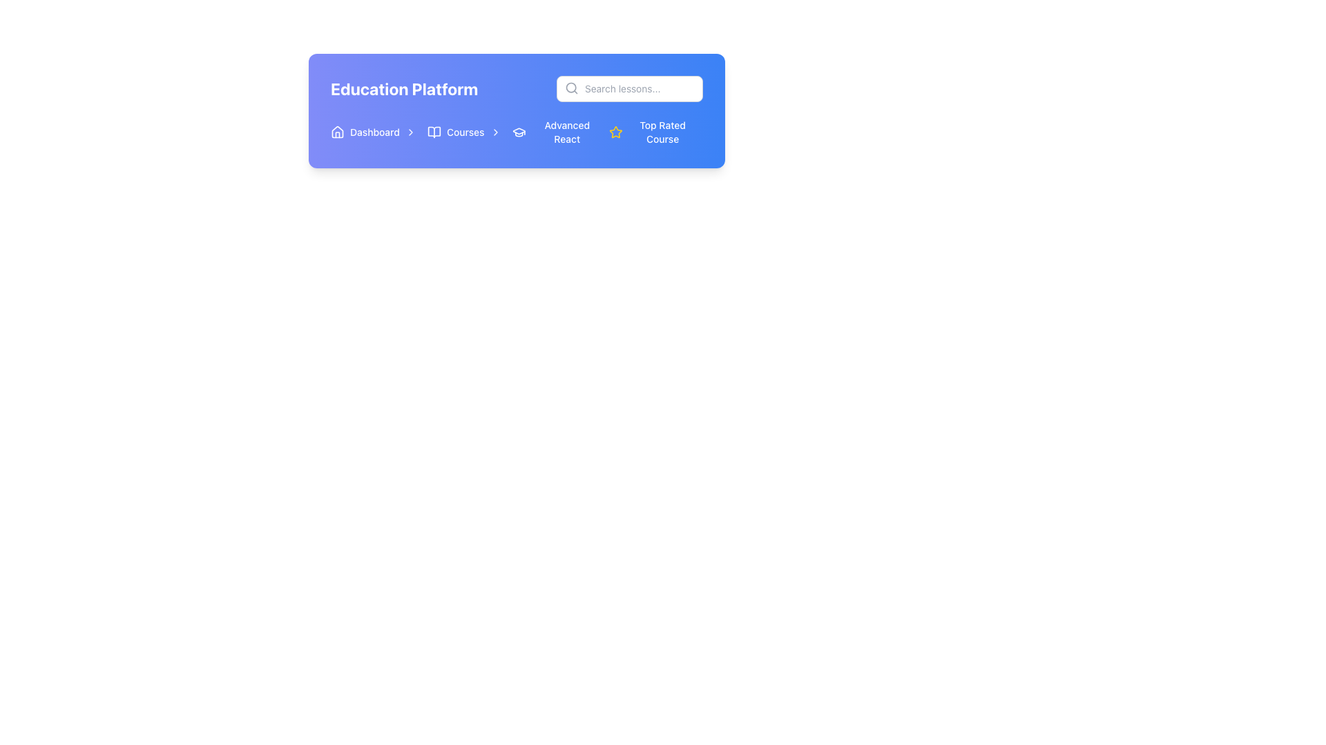 The width and height of the screenshot is (1326, 745). What do you see at coordinates (467, 132) in the screenshot?
I see `the breadcrumb navigation section` at bounding box center [467, 132].